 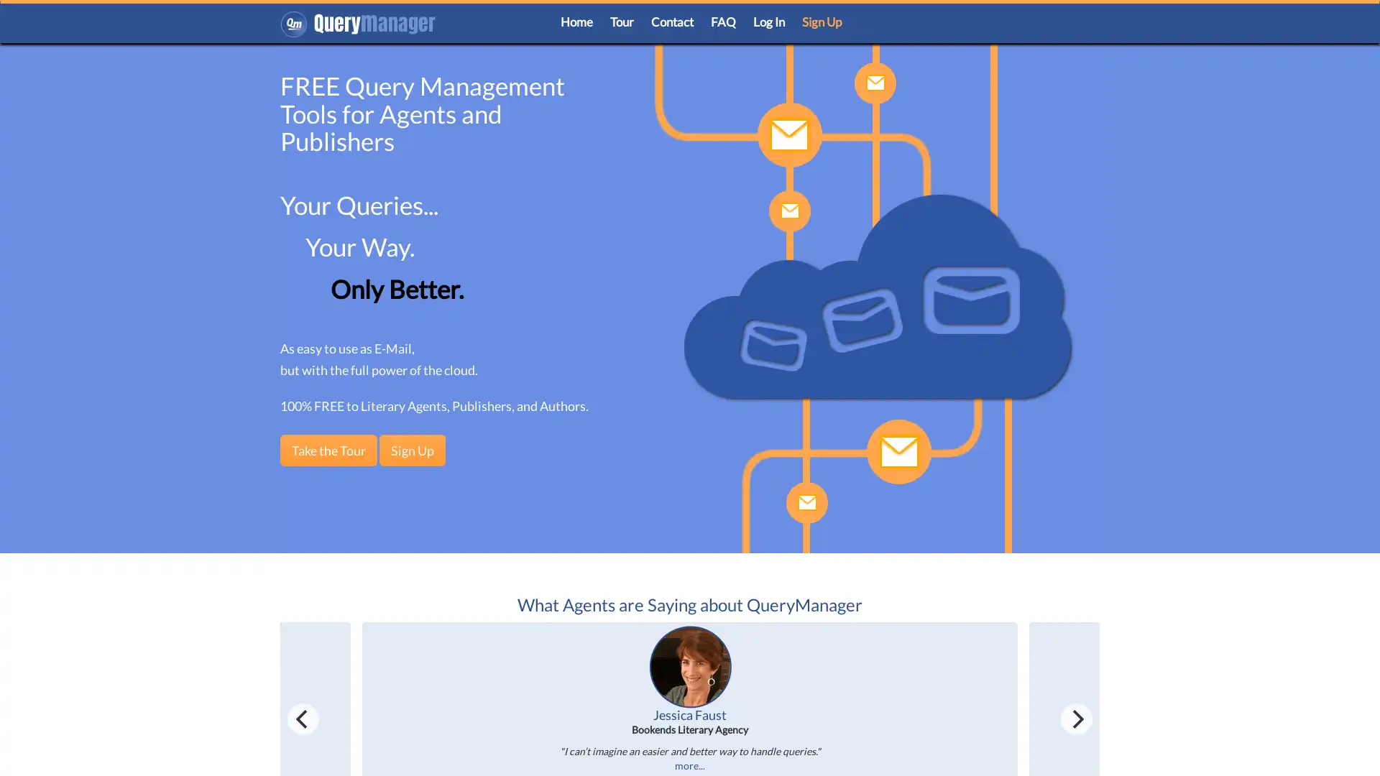 I want to click on Next, so click(x=1076, y=718).